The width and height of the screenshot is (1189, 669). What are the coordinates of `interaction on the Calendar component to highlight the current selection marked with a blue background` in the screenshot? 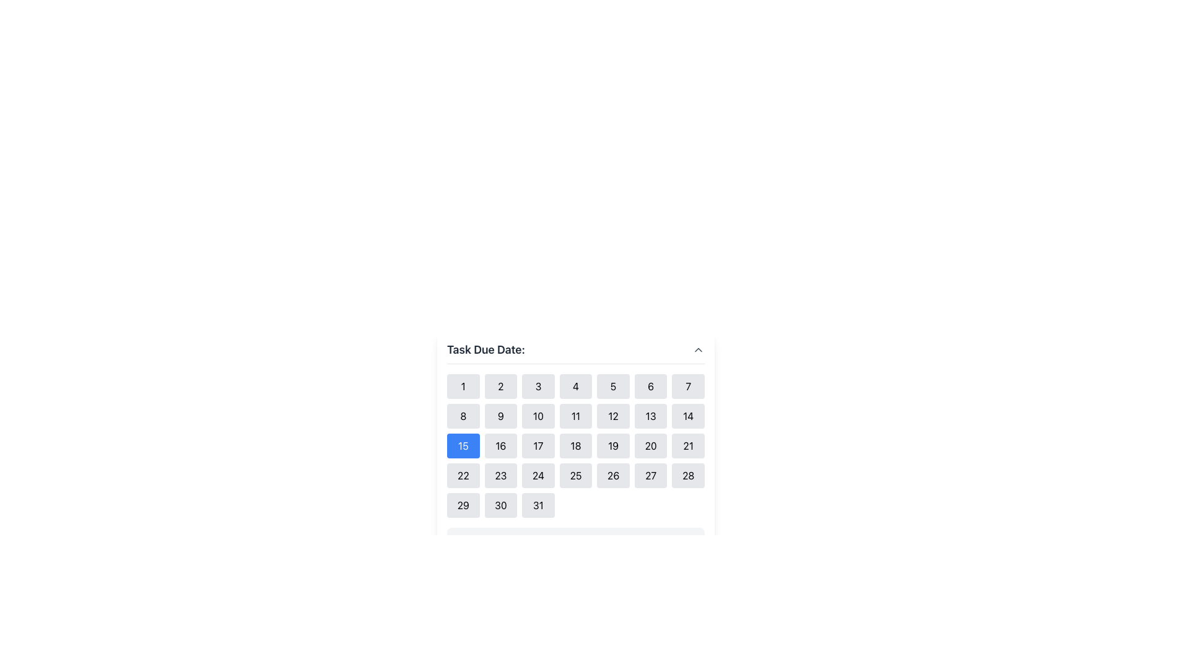 It's located at (678, 425).